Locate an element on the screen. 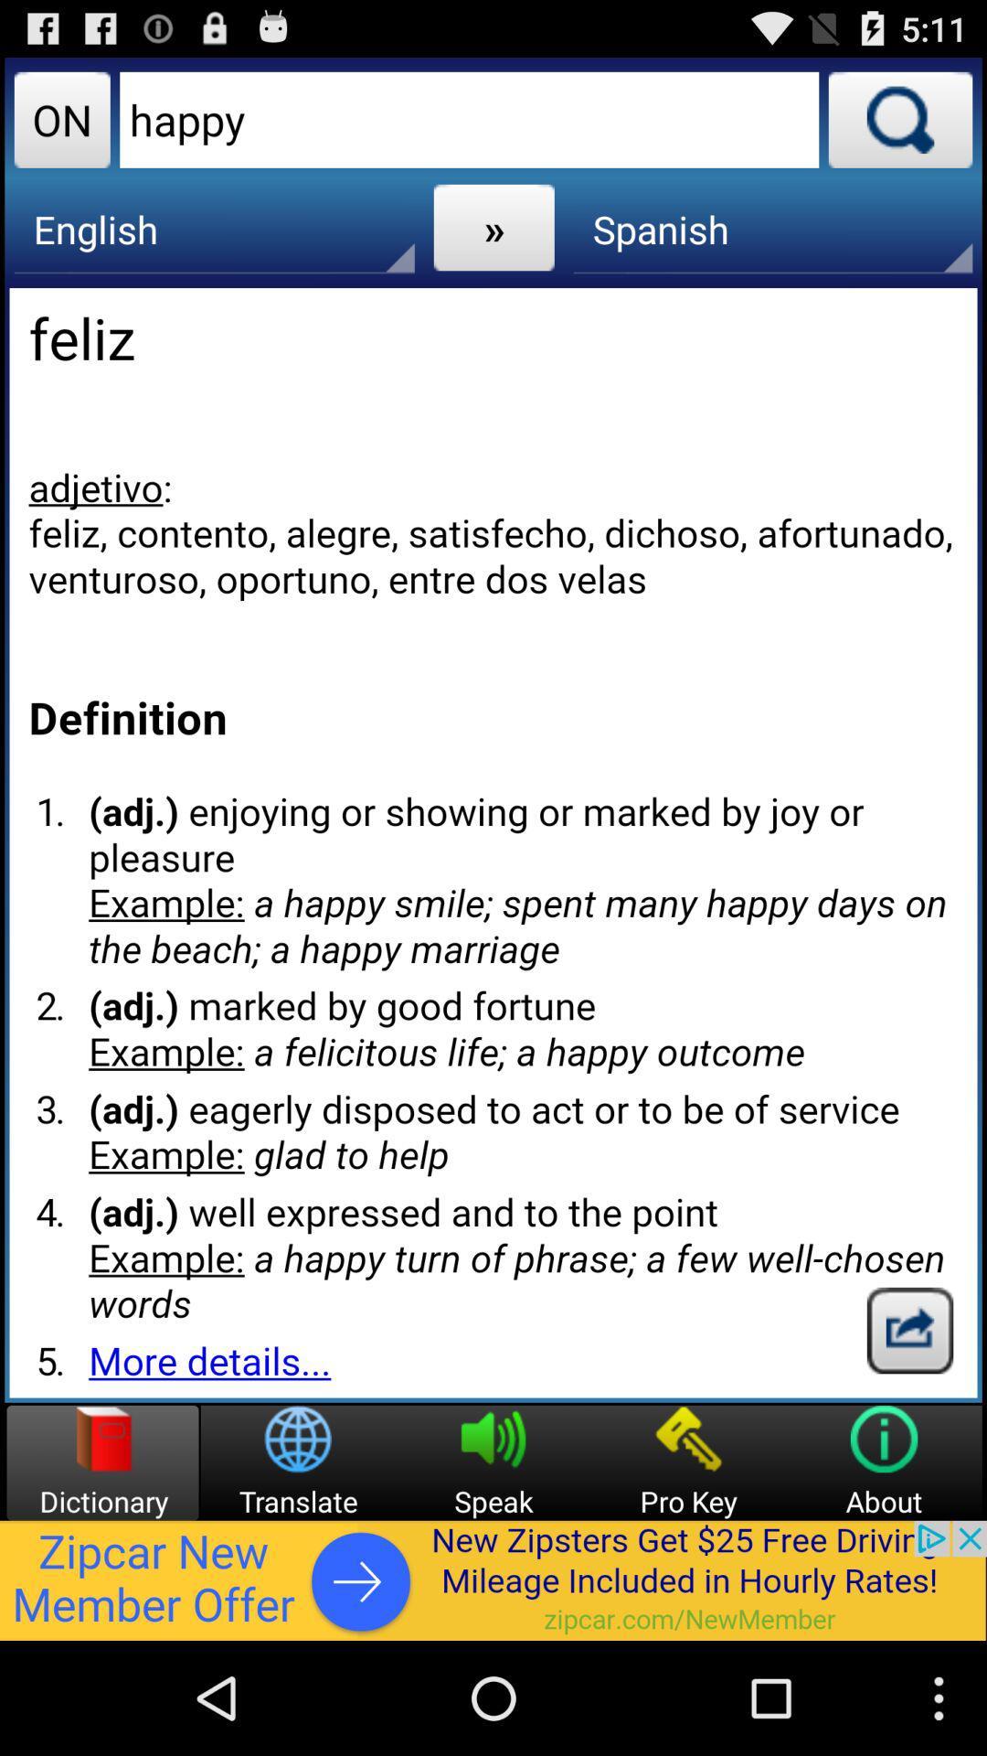 This screenshot has height=1756, width=987. search is located at coordinates (899, 119).